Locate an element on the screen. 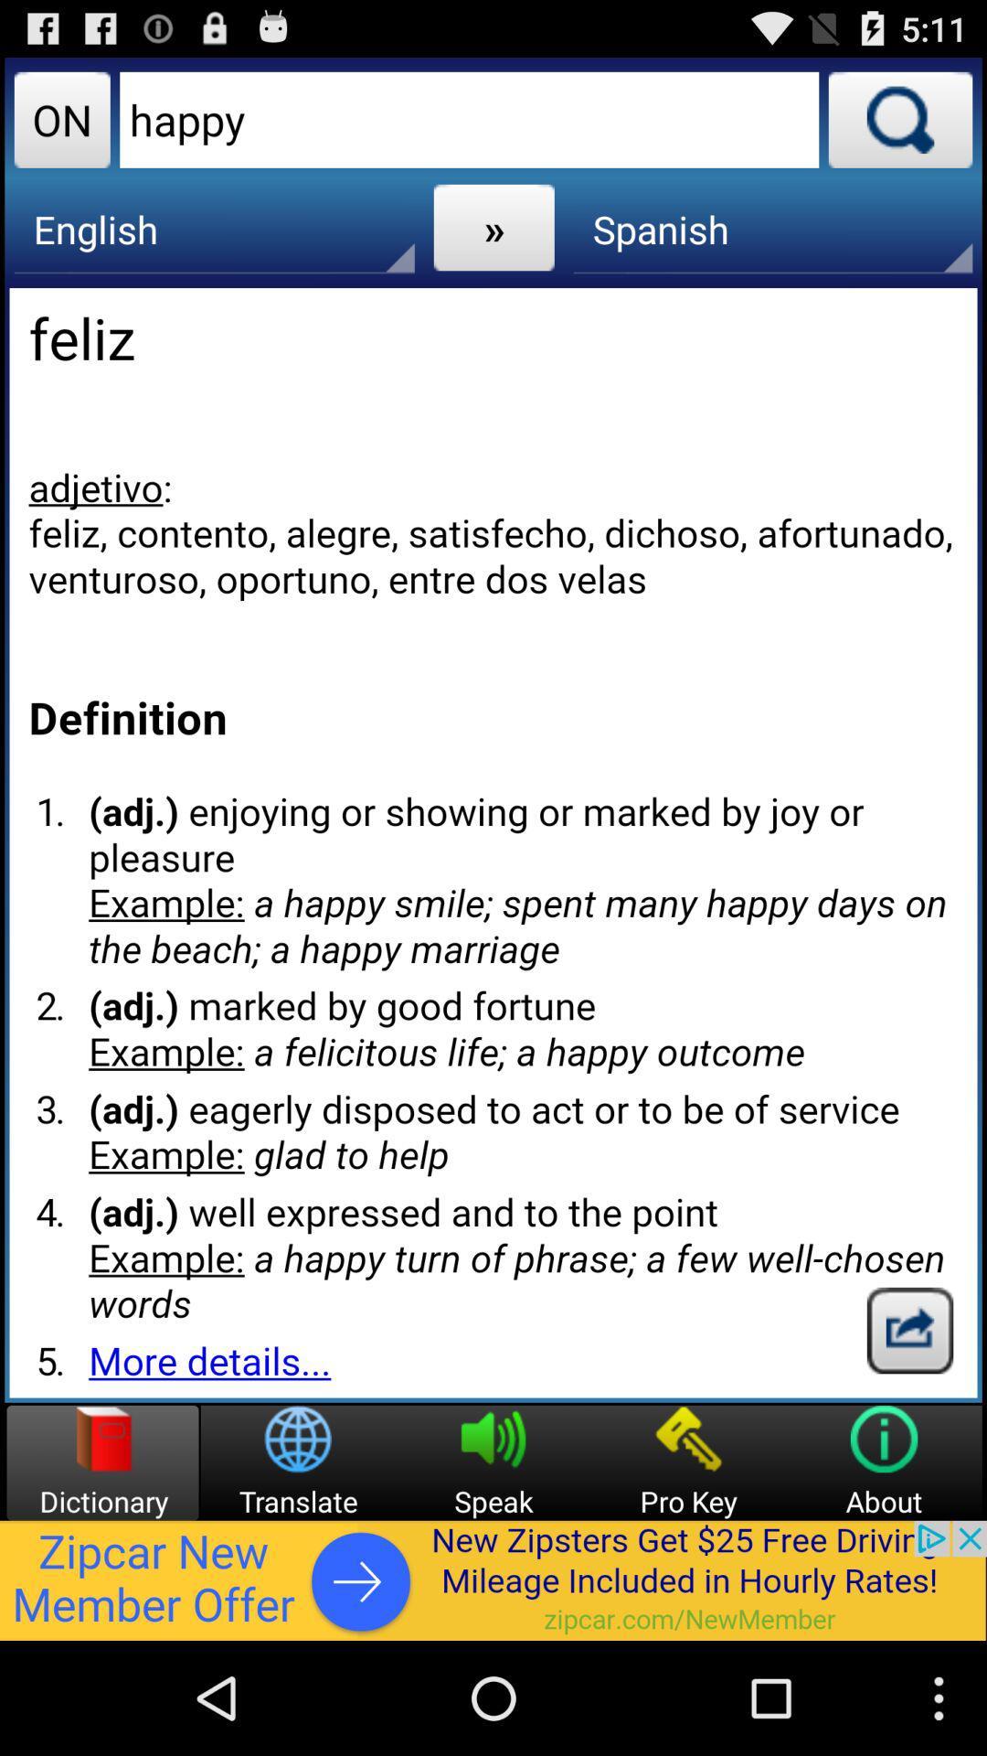 This screenshot has height=1756, width=987. search is located at coordinates (899, 119).